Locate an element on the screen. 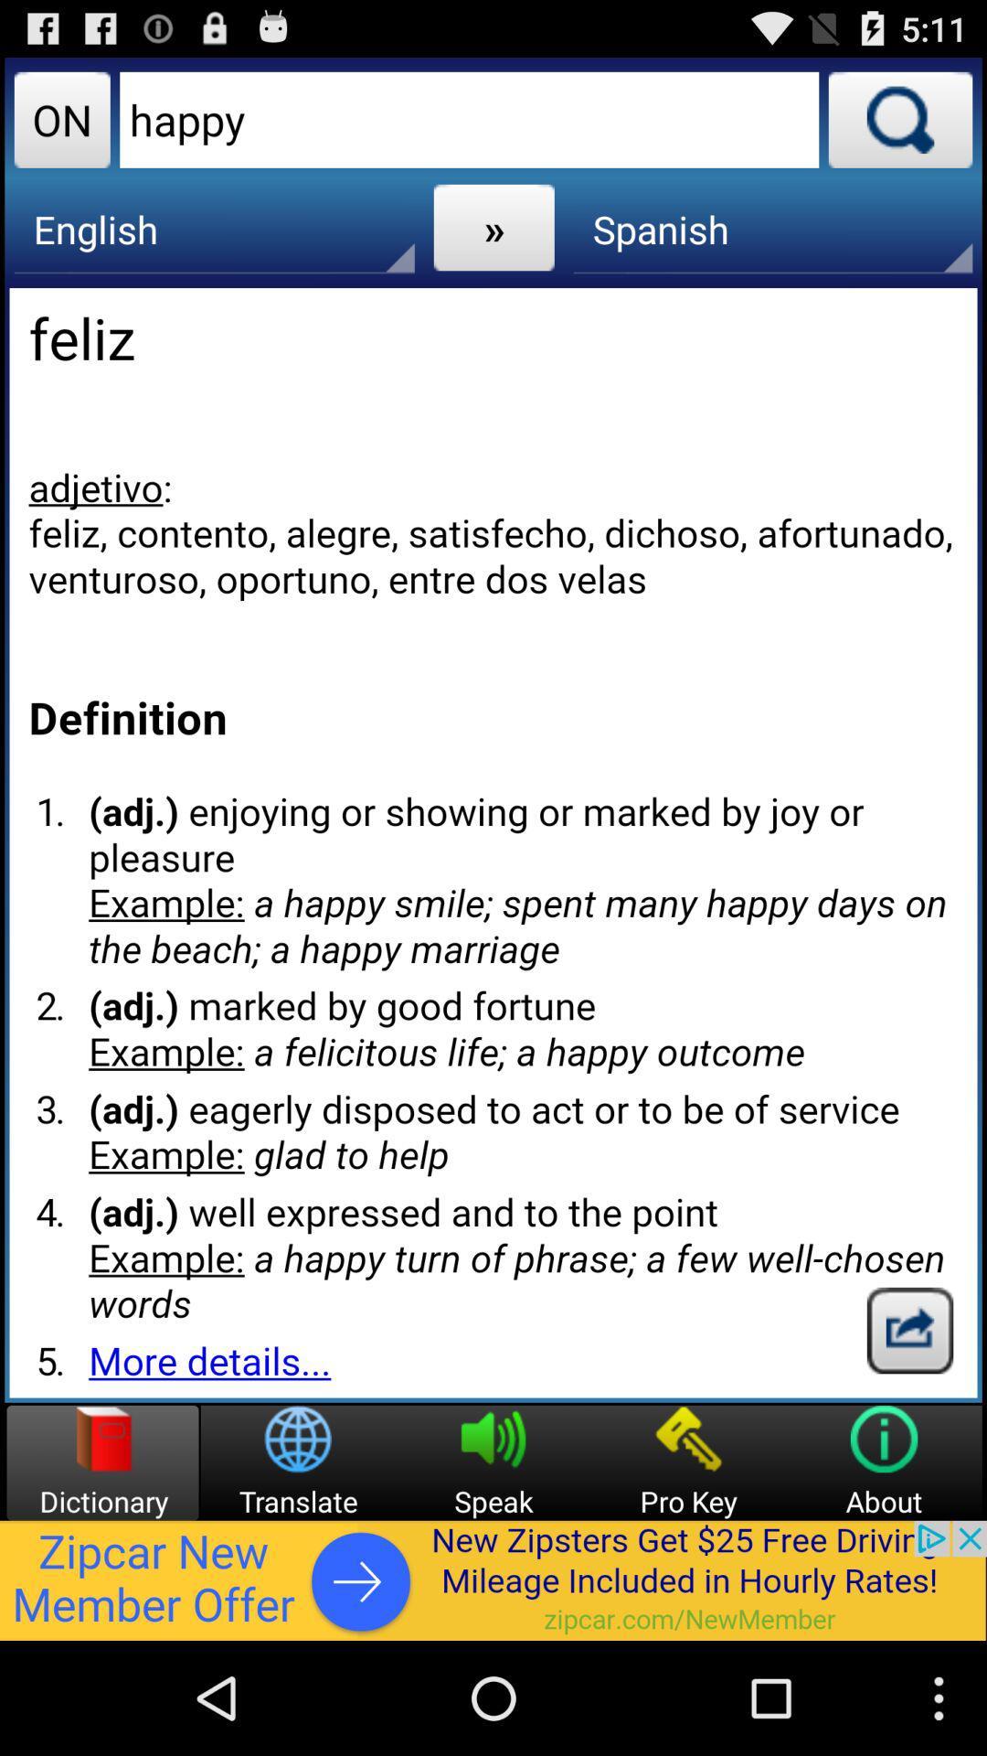 This screenshot has height=1756, width=987. search is located at coordinates (899, 119).